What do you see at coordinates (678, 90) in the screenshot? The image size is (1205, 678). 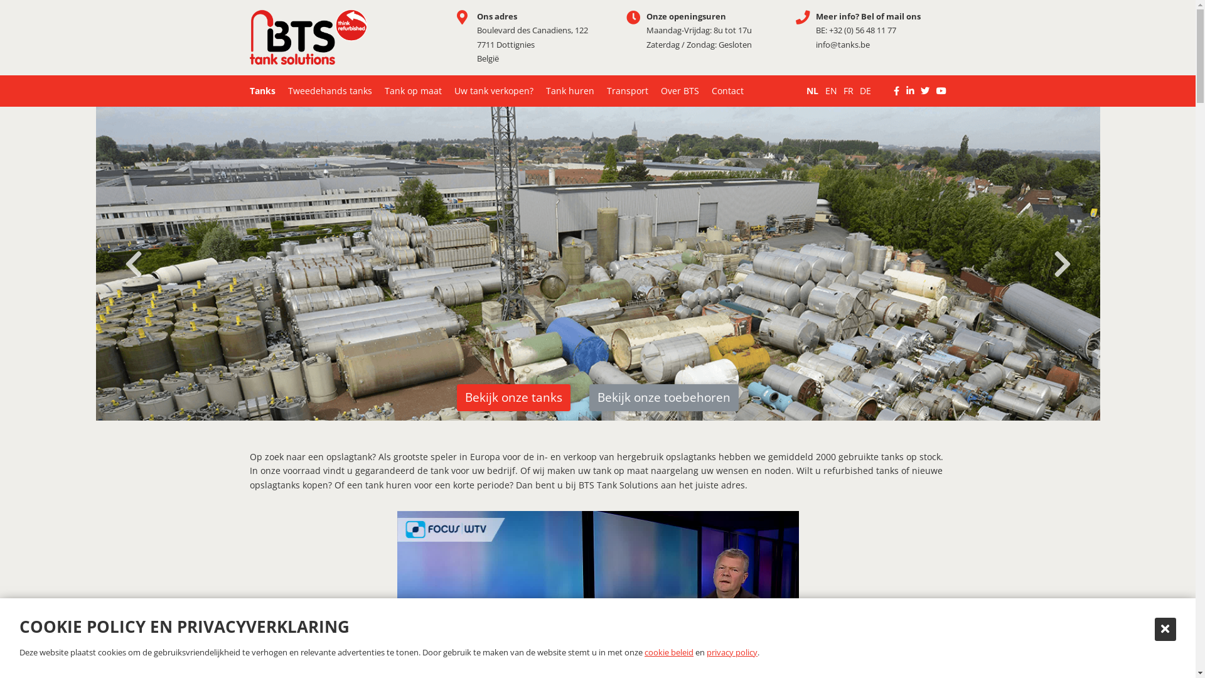 I see `'Over BTS'` at bounding box center [678, 90].